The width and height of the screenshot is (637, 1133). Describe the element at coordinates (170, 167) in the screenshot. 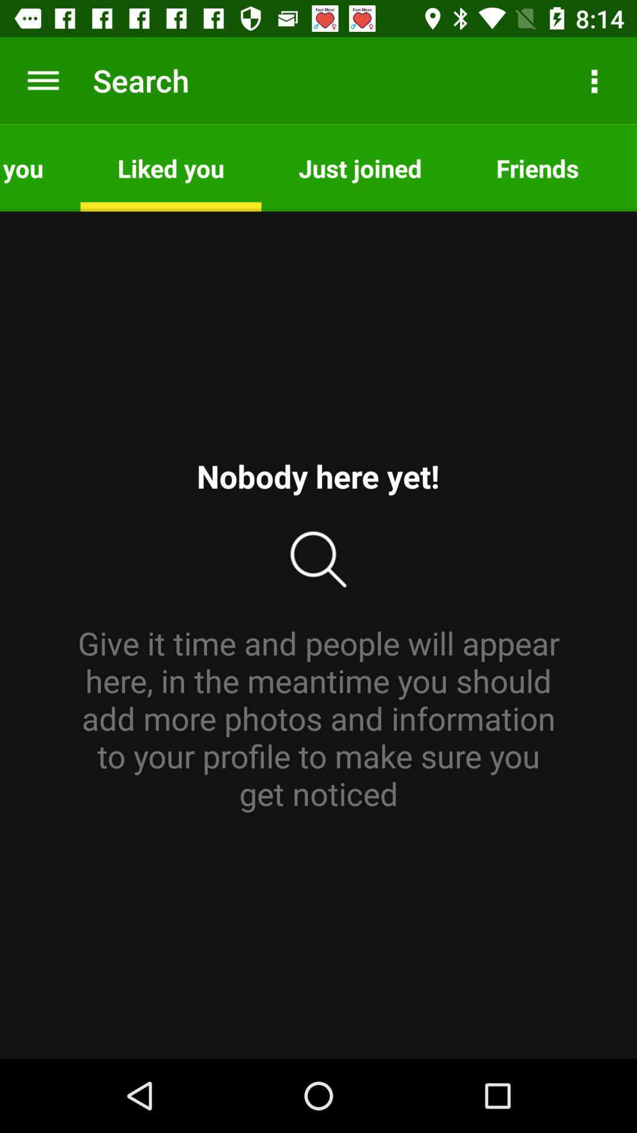

I see `the app to the left of just joined` at that location.